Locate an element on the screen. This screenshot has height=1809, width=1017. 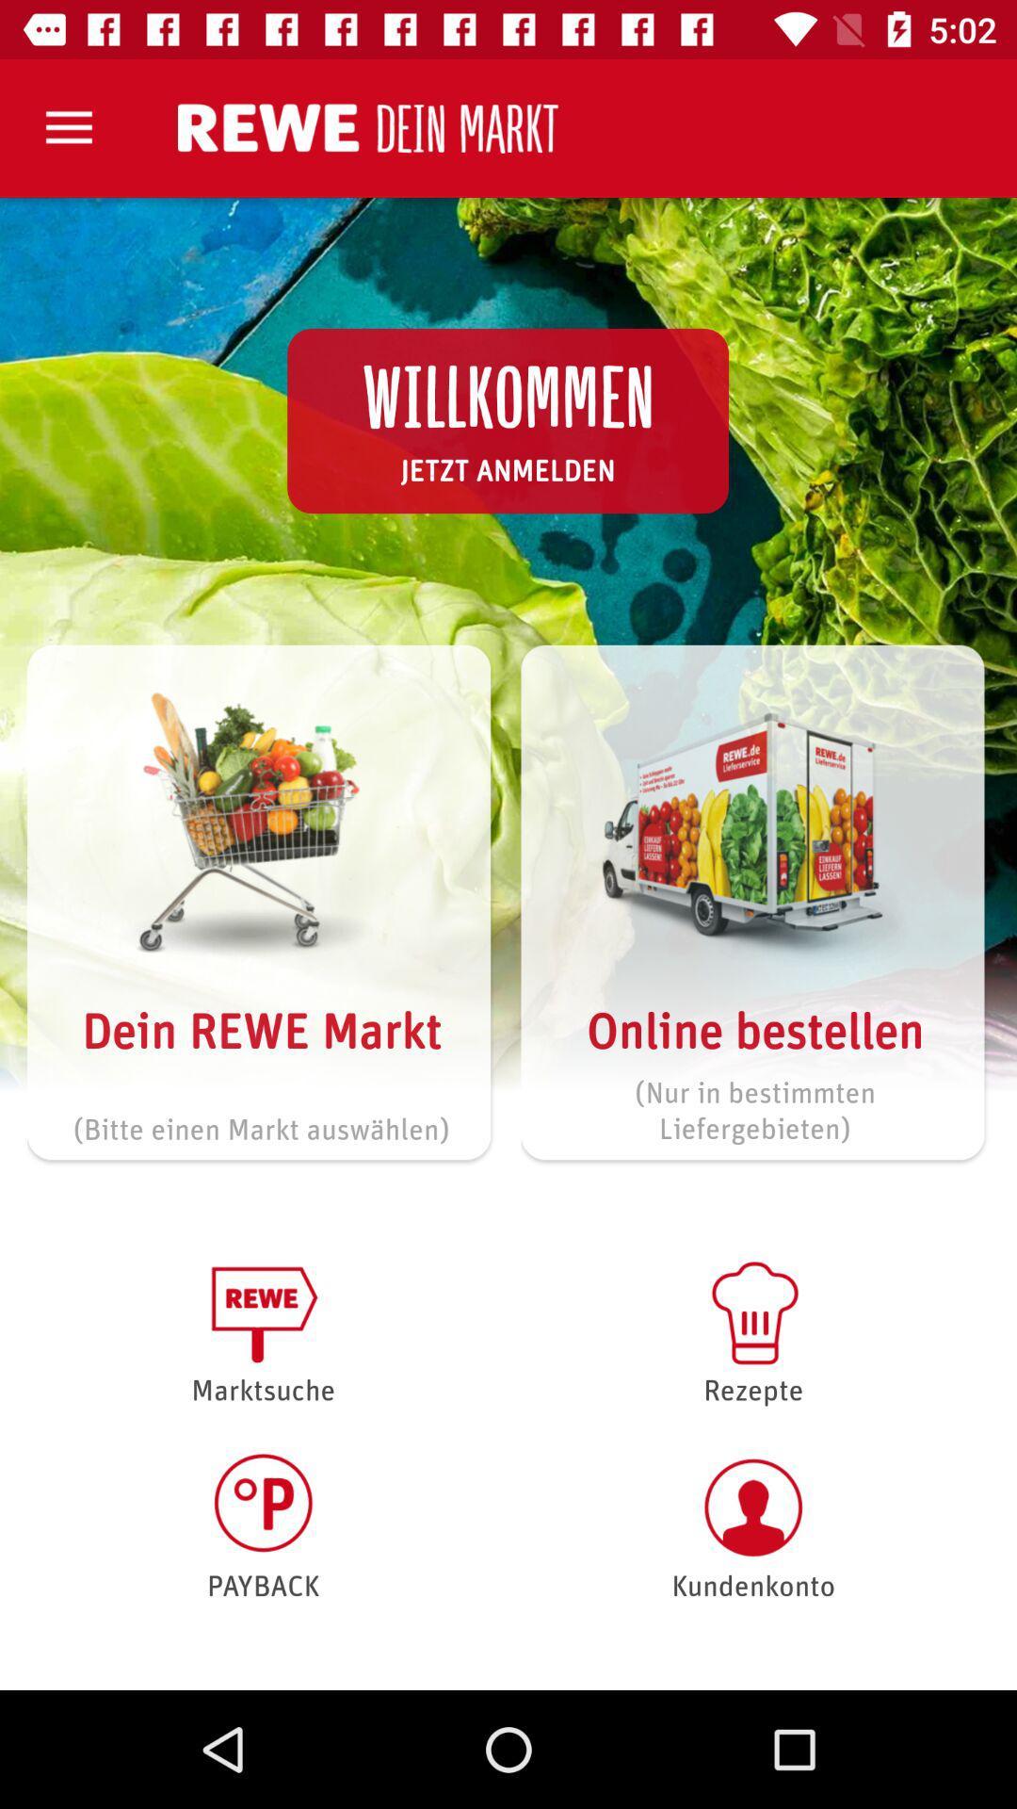
the item below marktsuche icon is located at coordinates (263, 1526).